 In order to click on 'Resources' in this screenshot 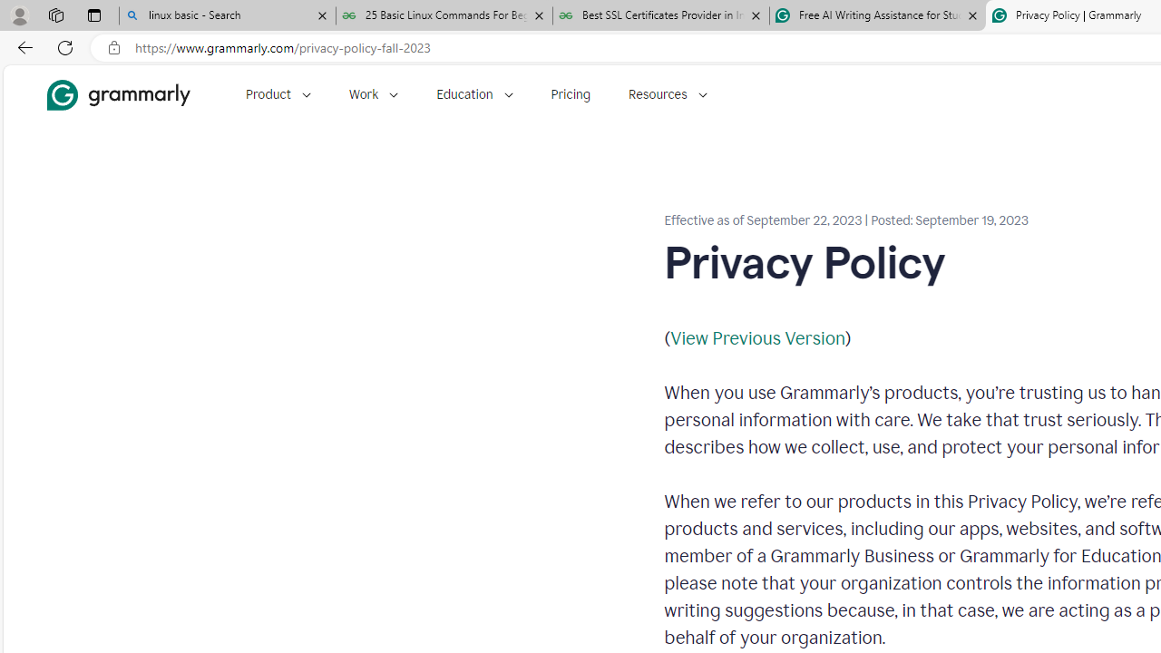, I will do `click(667, 94)`.